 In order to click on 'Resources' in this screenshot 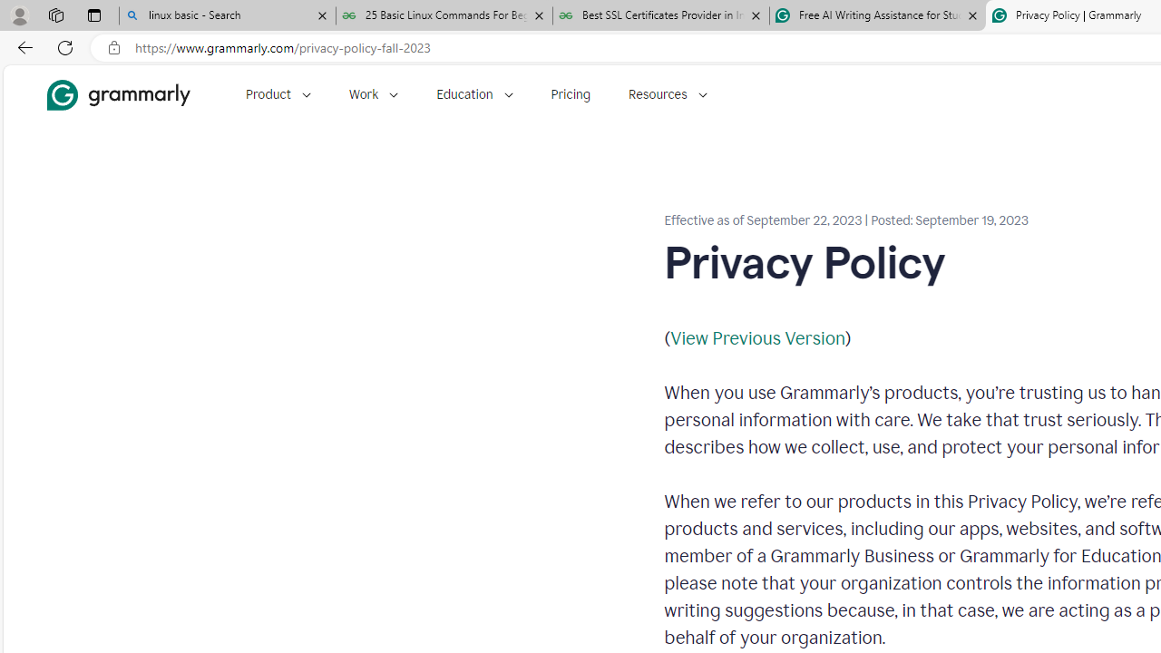, I will do `click(667, 94)`.